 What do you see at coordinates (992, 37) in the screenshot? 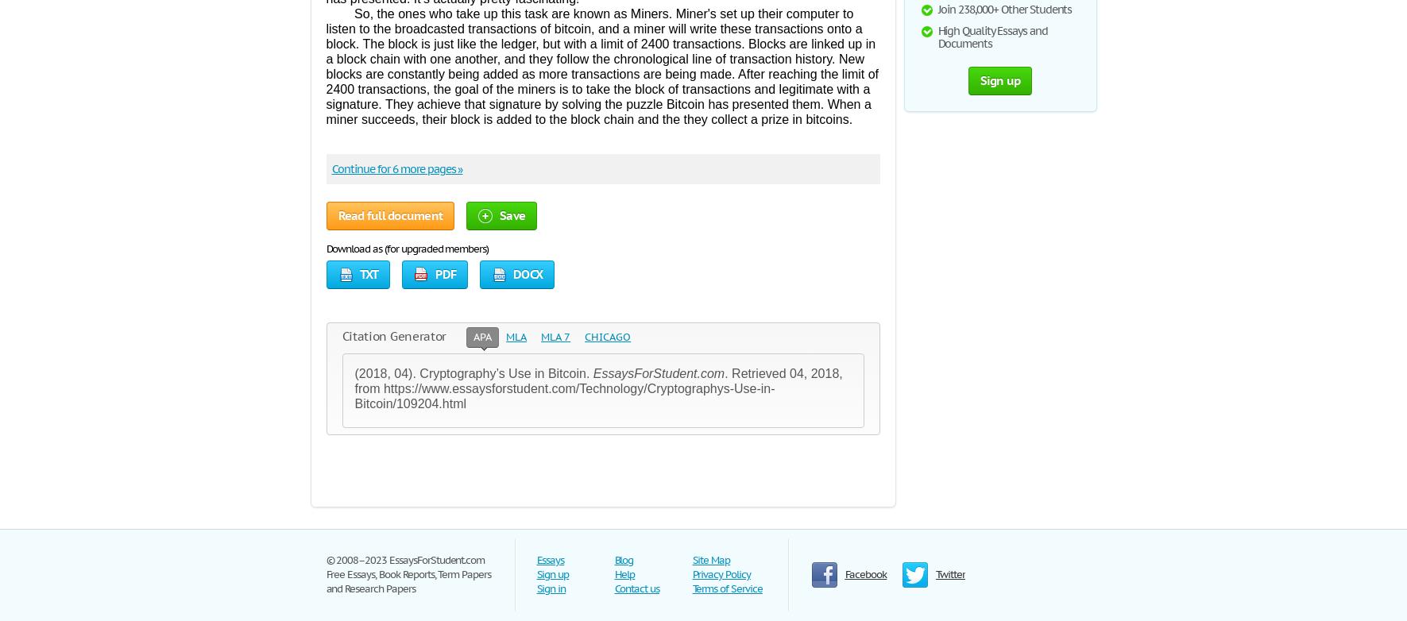
I see `'High Quality Essays and Documents'` at bounding box center [992, 37].